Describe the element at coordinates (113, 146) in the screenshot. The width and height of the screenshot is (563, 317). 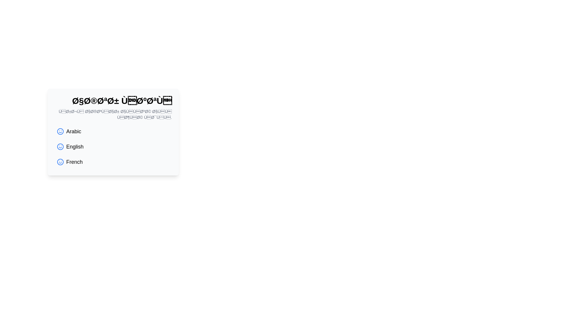
I see `a language option in the vertical list that allows the user` at that location.